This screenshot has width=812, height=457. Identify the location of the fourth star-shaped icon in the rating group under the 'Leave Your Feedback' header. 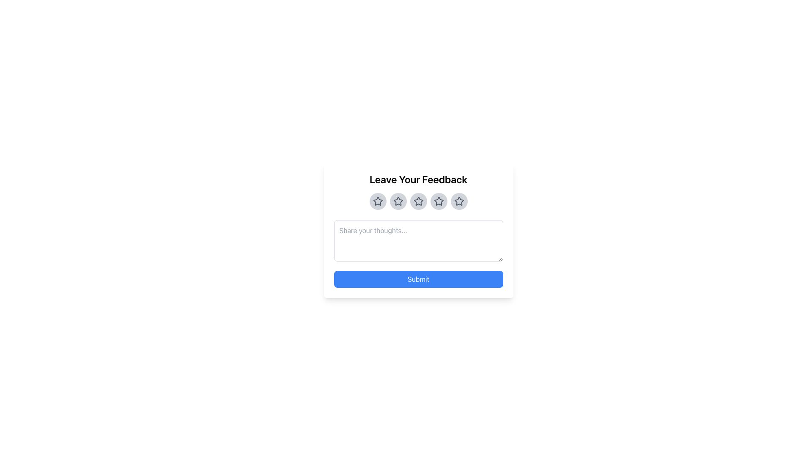
(439, 201).